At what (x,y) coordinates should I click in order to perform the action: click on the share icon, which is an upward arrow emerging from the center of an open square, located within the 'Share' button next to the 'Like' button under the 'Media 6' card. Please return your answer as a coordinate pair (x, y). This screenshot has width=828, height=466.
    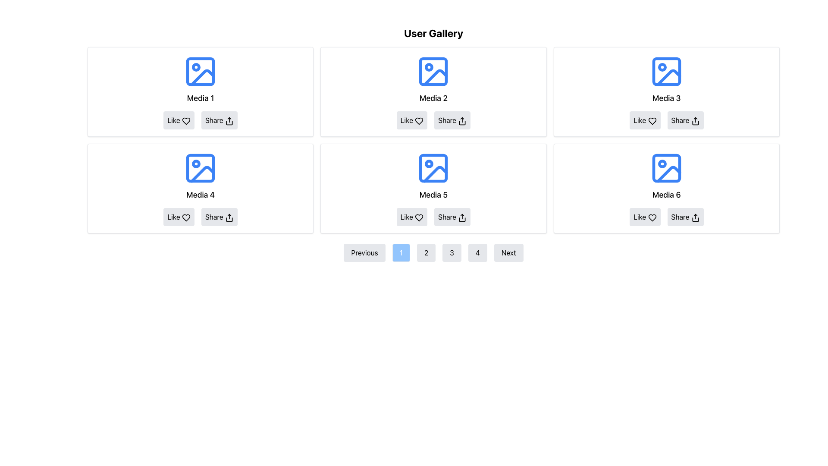
    Looking at the image, I should click on (695, 217).